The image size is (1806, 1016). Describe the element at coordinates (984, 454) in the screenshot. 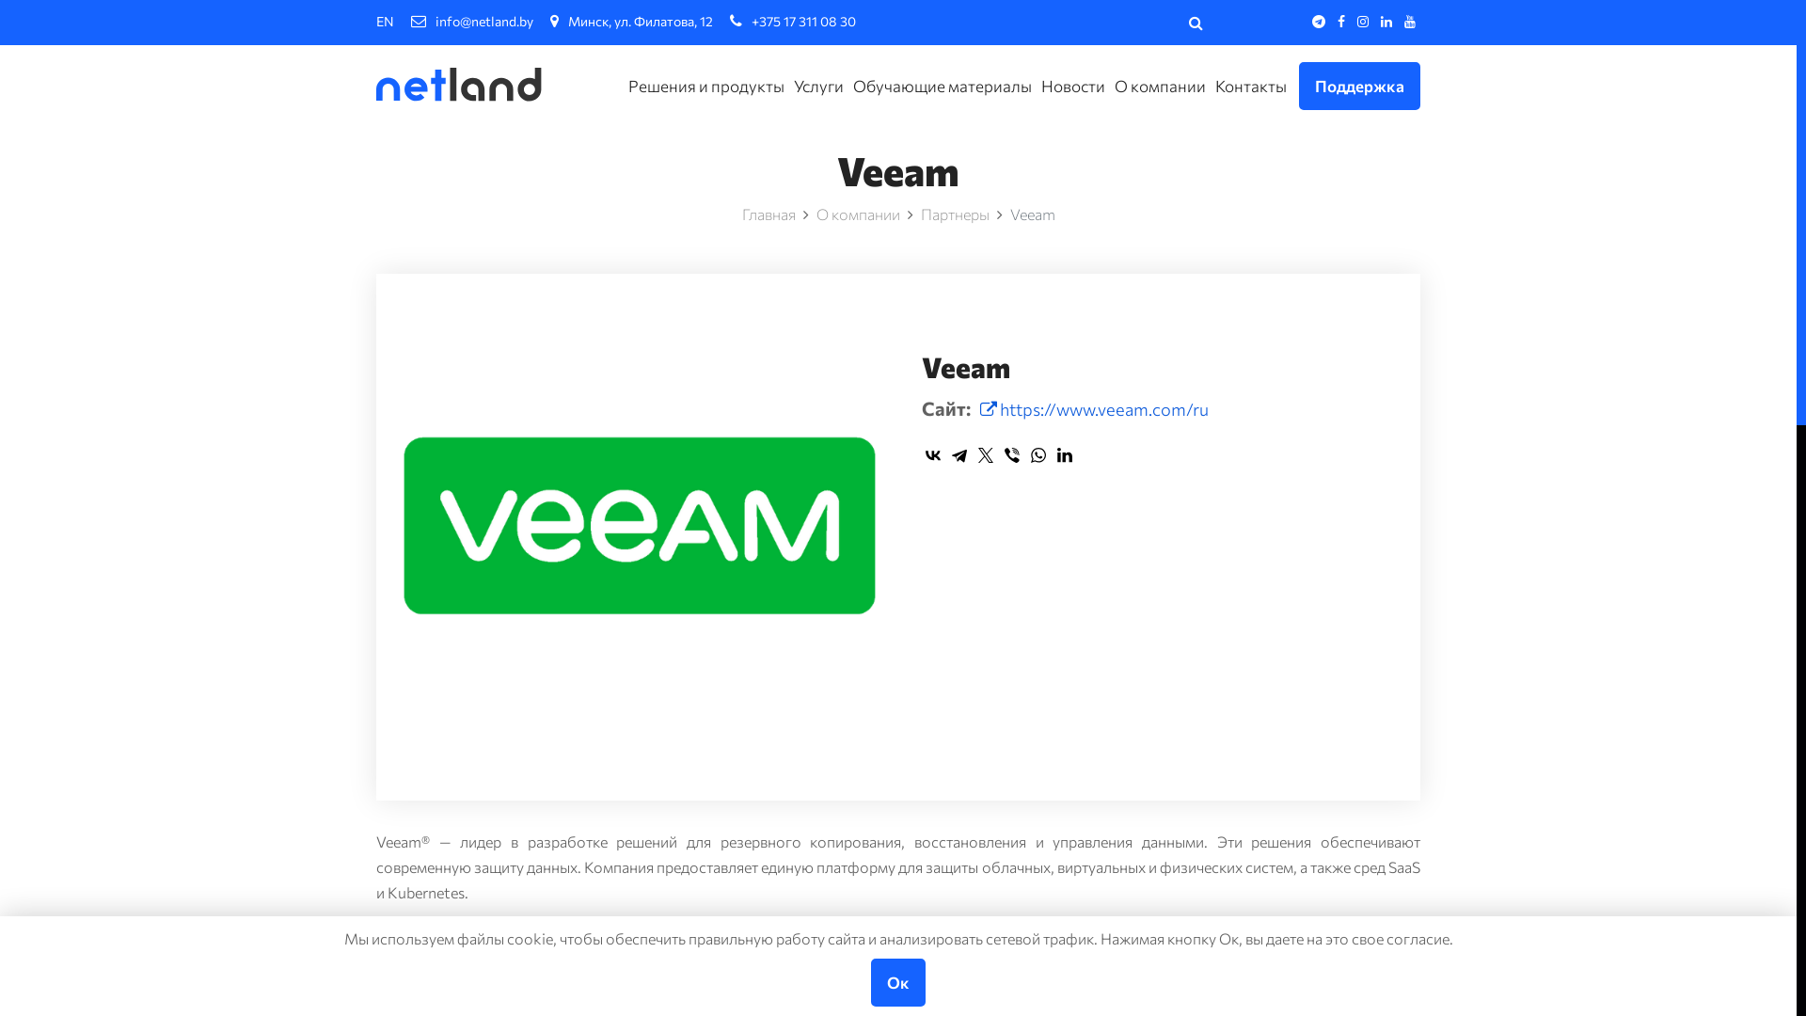

I see `'Twitter'` at that location.